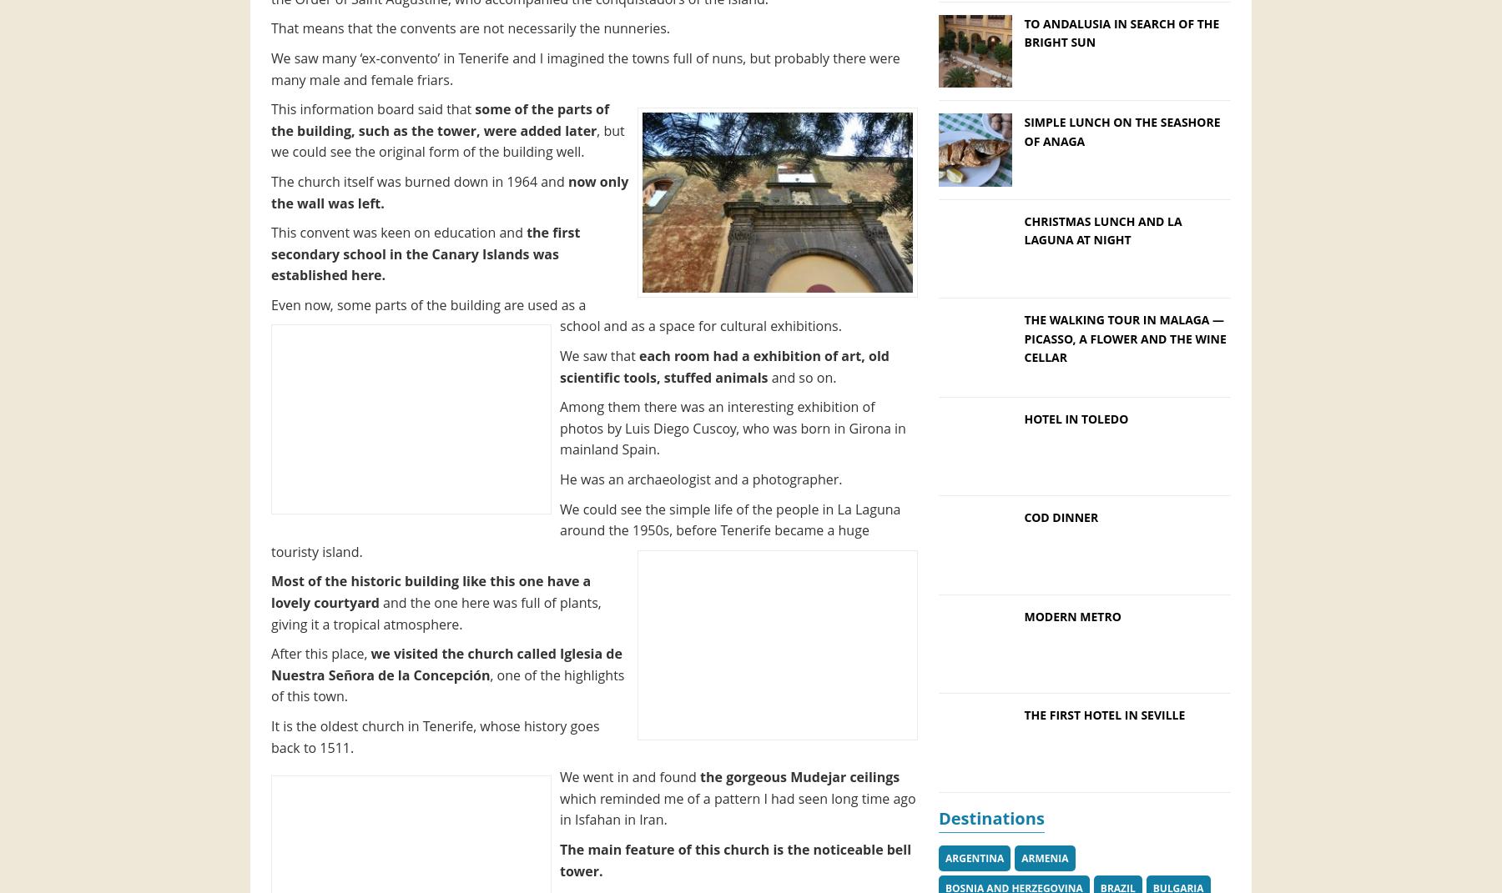 The image size is (1502, 893). Describe the element at coordinates (801, 376) in the screenshot. I see `'and so on.'` at that location.